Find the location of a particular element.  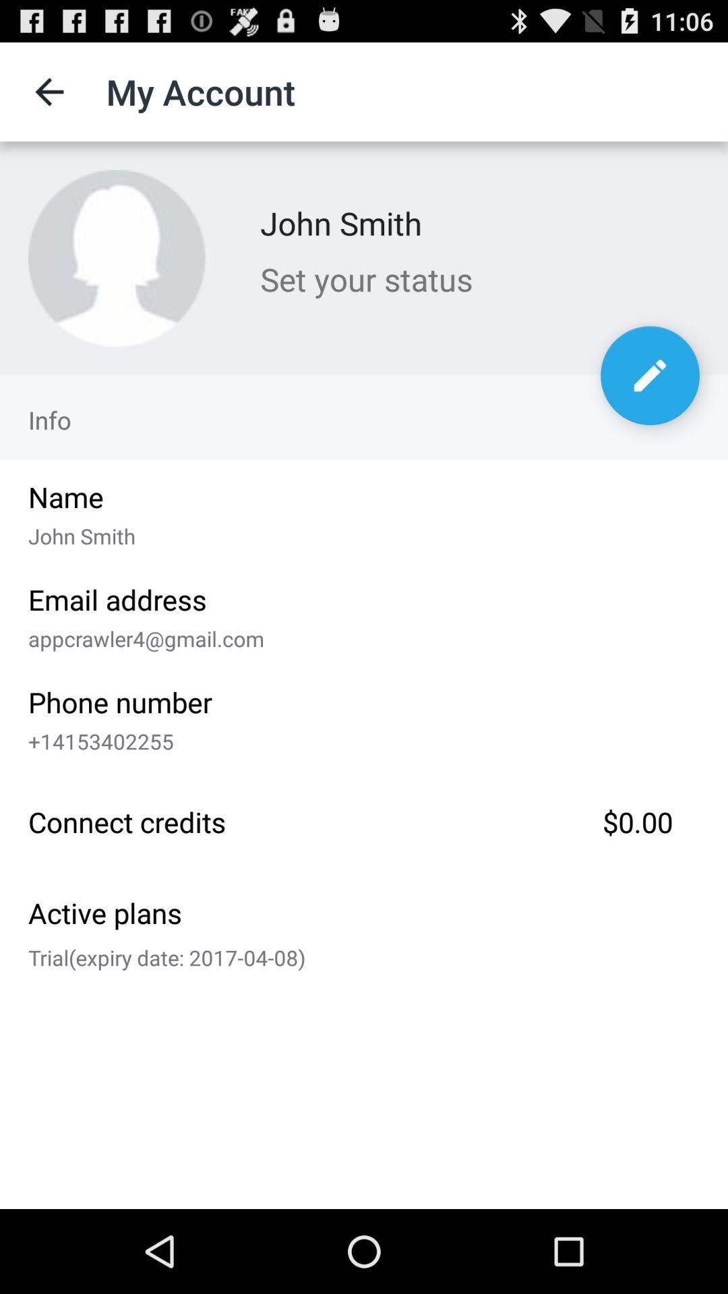

icon below phone number icon is located at coordinates (359, 737).